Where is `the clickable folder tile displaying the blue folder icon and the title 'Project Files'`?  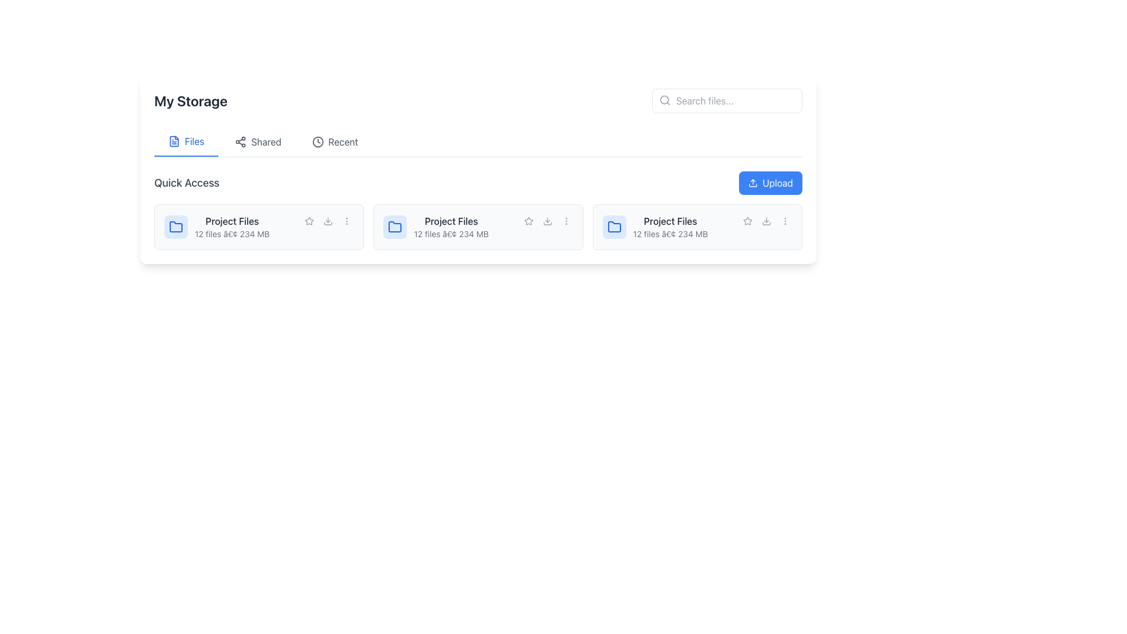
the clickable folder tile displaying the blue folder icon and the title 'Project Files' is located at coordinates (478, 227).